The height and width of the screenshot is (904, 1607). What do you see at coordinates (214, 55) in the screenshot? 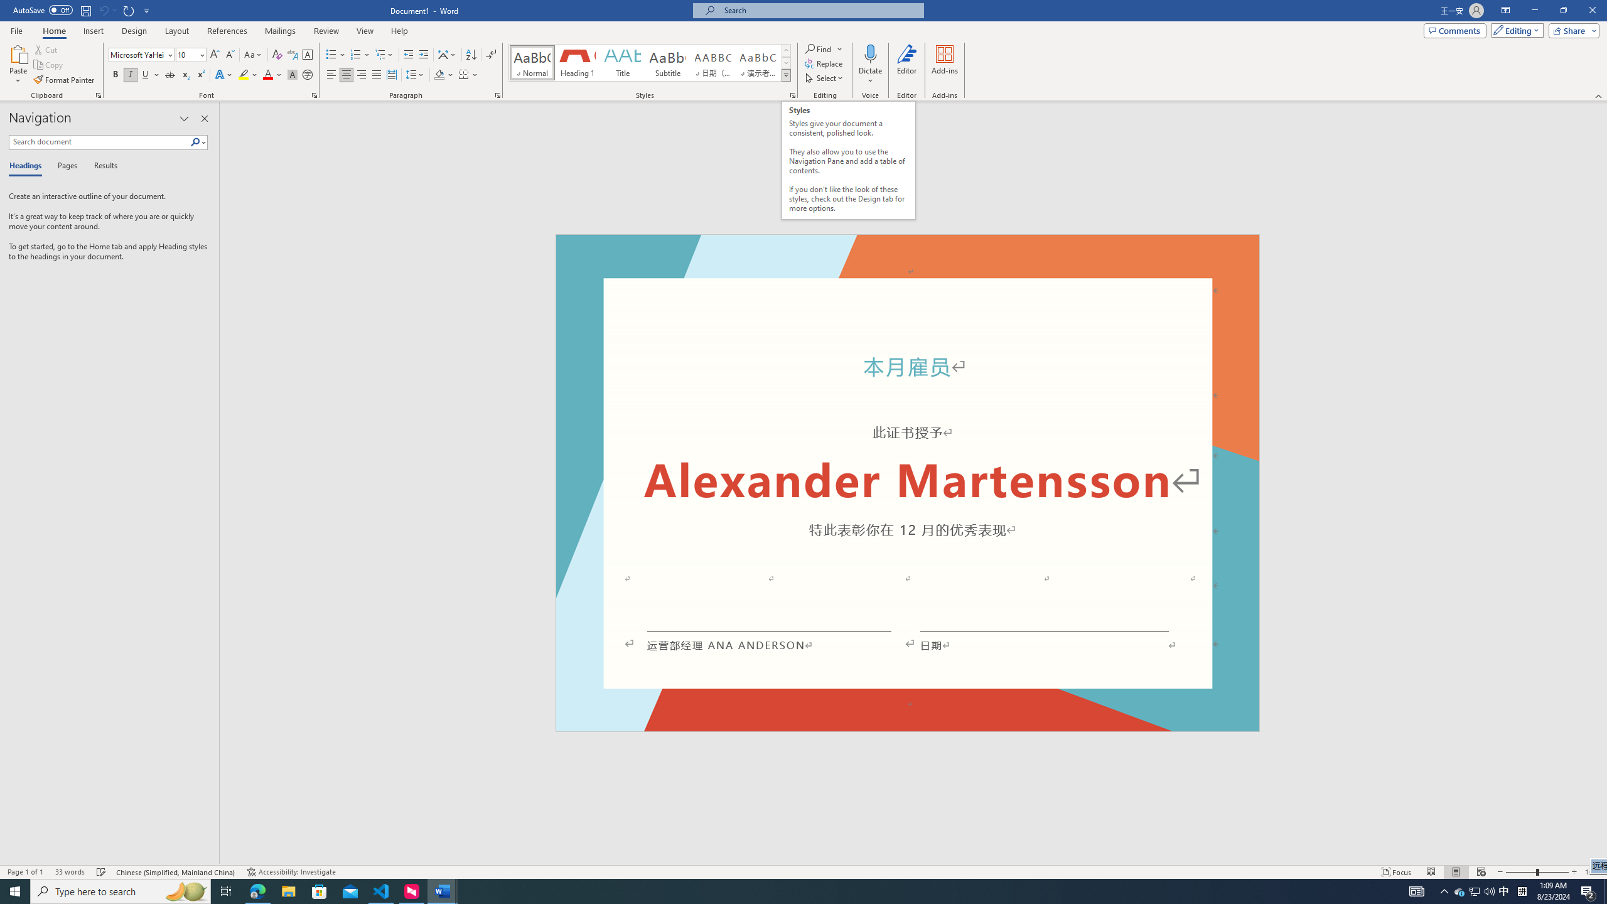
I see `'Grow Font'` at bounding box center [214, 55].